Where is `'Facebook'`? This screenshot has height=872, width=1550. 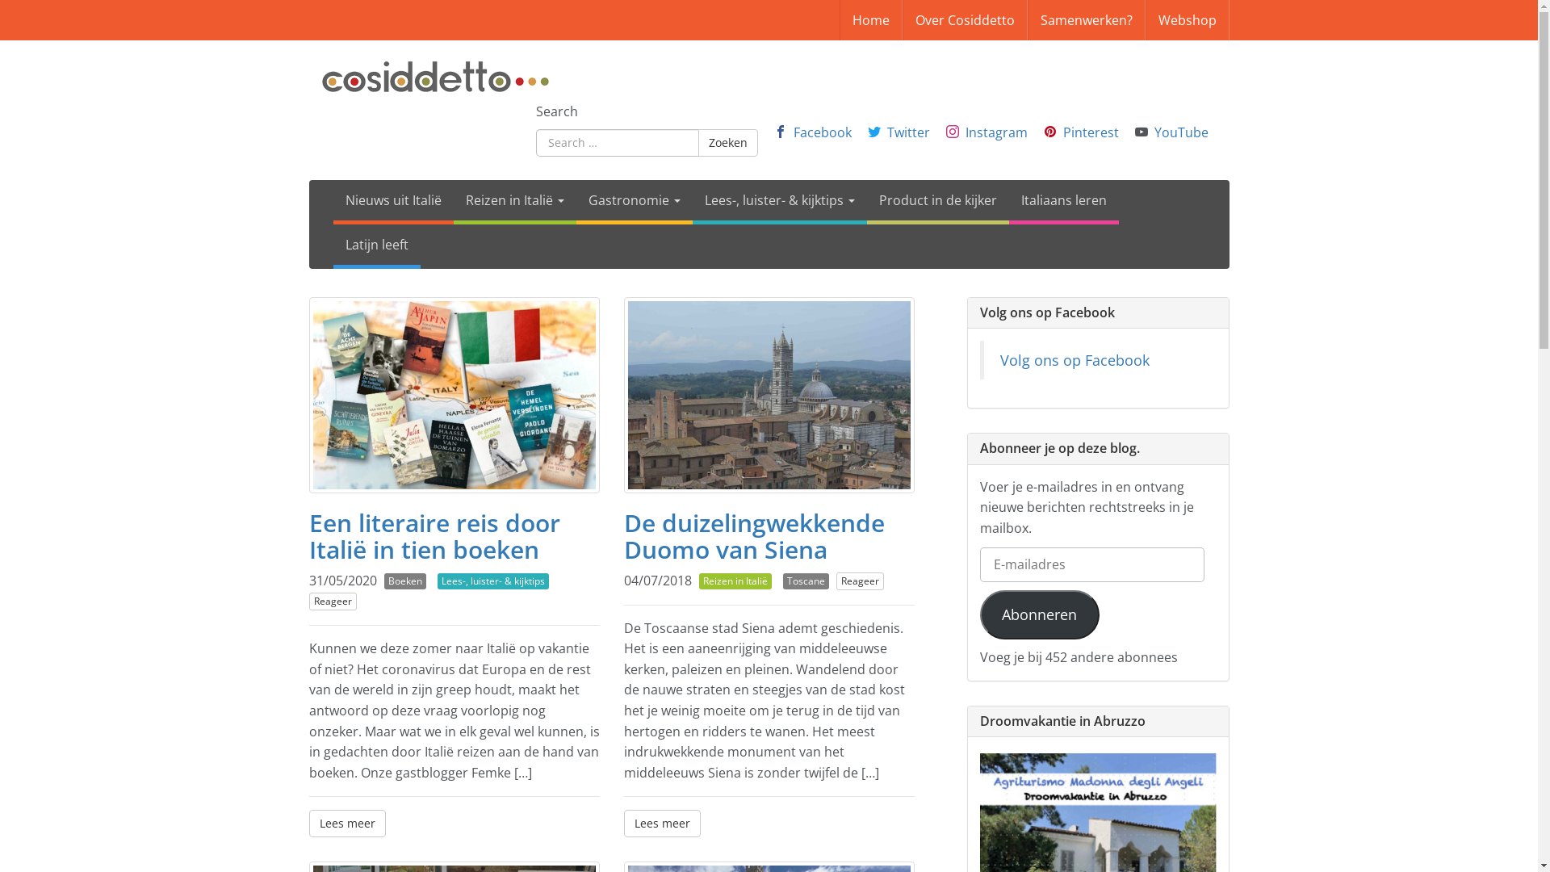 'Facebook' is located at coordinates (821, 130).